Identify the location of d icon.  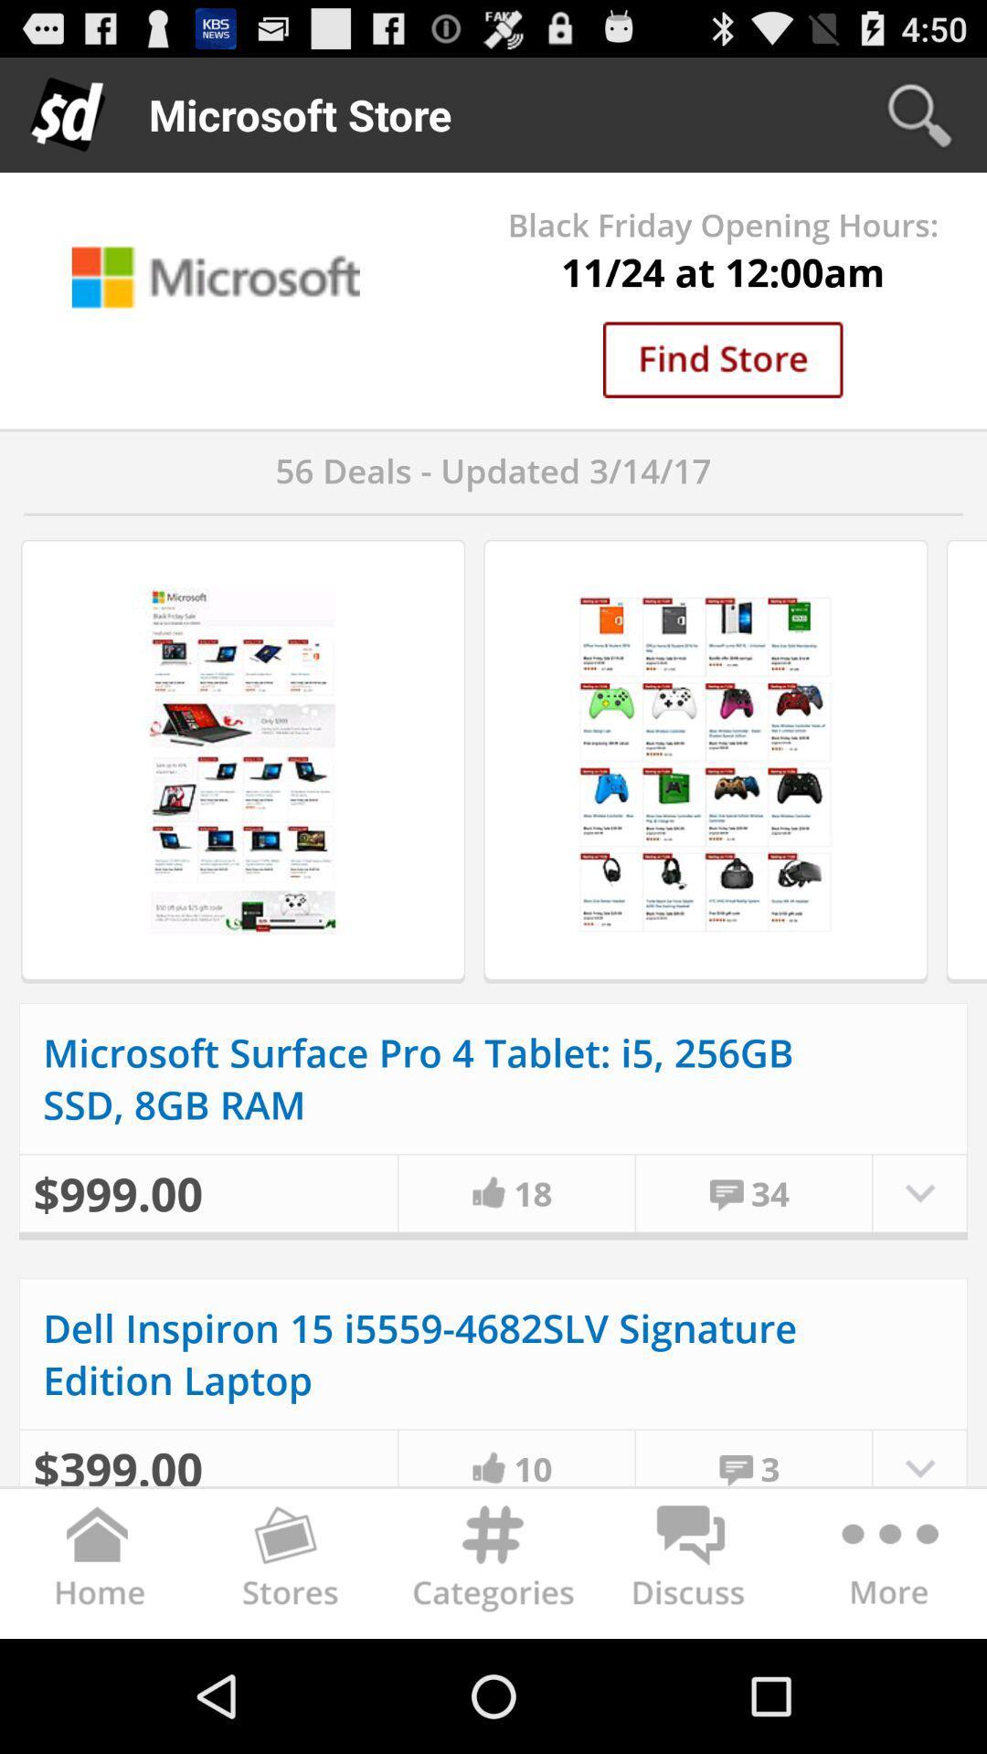
(67, 113).